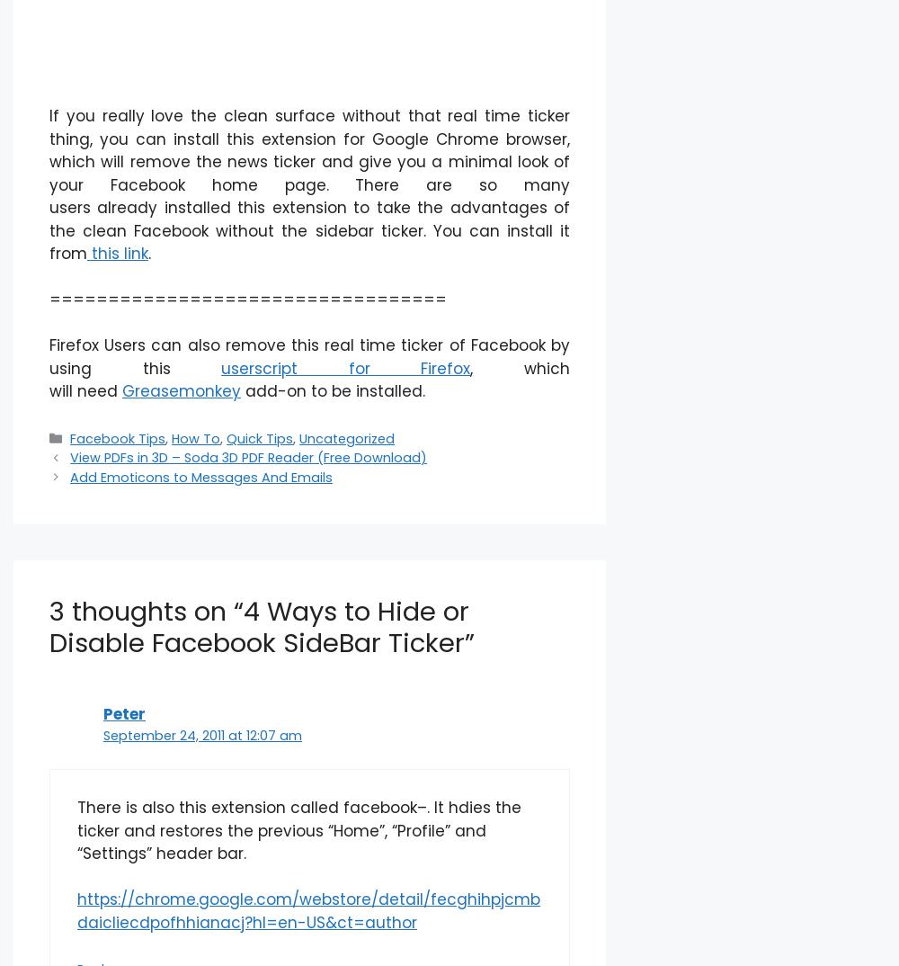 The width and height of the screenshot is (899, 966). Describe the element at coordinates (308, 379) in the screenshot. I see `', which will need'` at that location.